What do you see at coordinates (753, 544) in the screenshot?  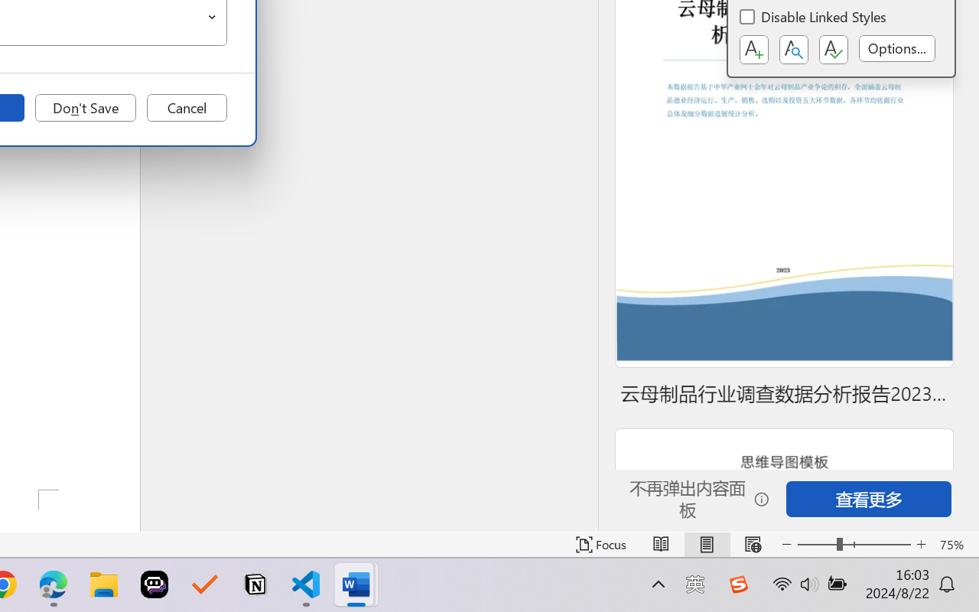 I see `'Web Layout'` at bounding box center [753, 544].